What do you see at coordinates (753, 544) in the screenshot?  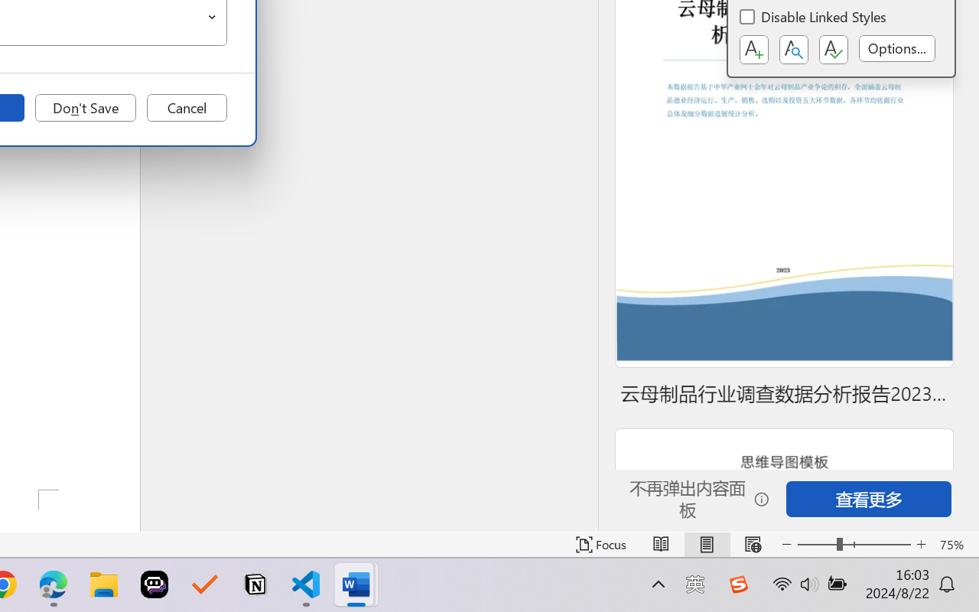 I see `'Web Layout'` at bounding box center [753, 544].